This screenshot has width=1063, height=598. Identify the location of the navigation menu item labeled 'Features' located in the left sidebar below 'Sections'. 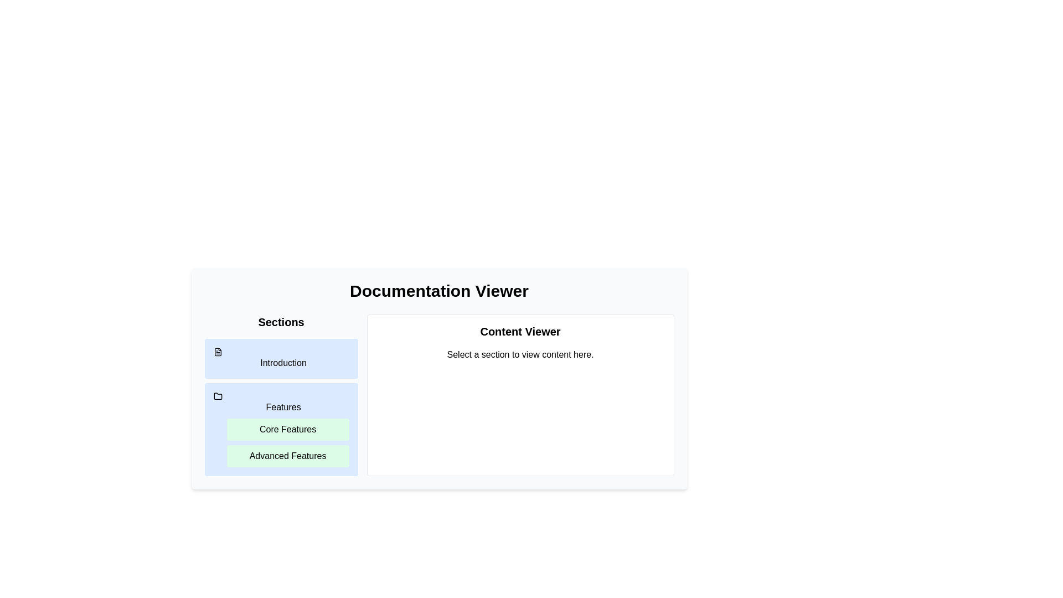
(281, 408).